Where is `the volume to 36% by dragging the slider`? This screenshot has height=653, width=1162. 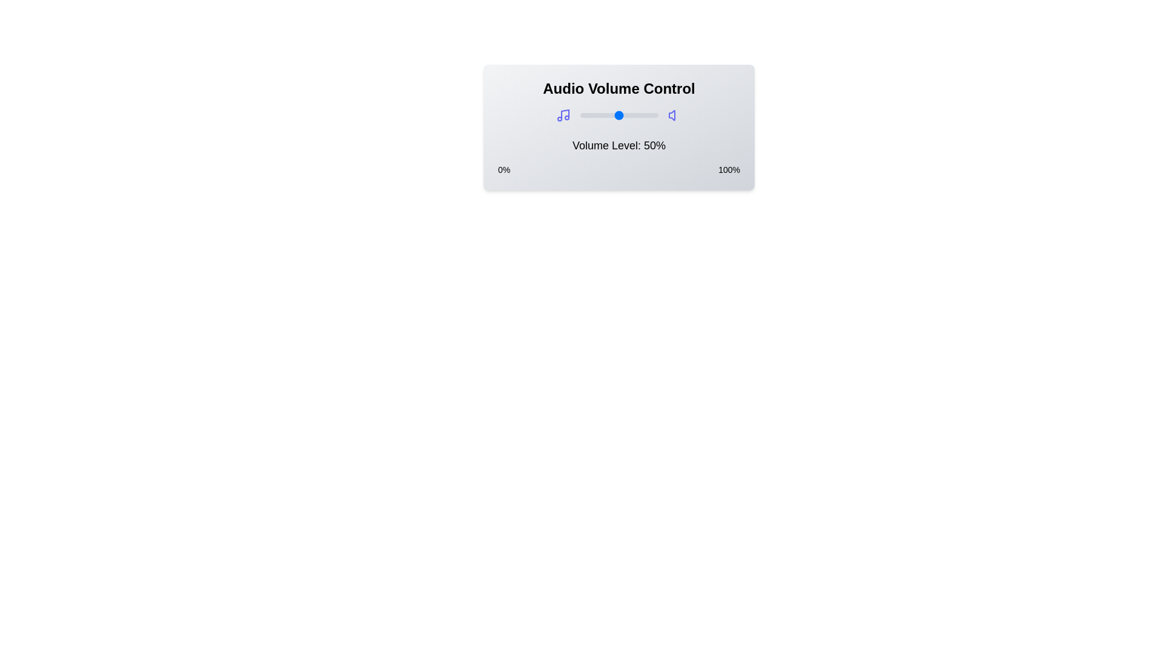
the volume to 36% by dragging the slider is located at coordinates (608, 115).